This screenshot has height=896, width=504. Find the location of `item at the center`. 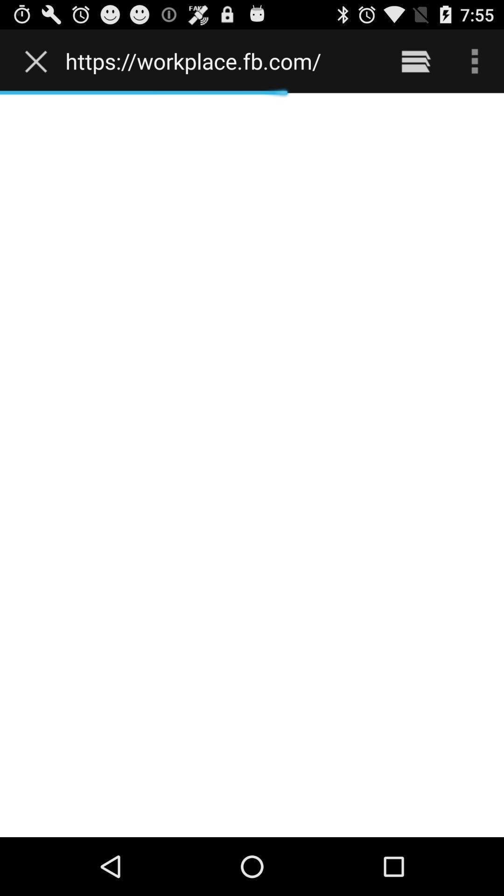

item at the center is located at coordinates (252, 465).